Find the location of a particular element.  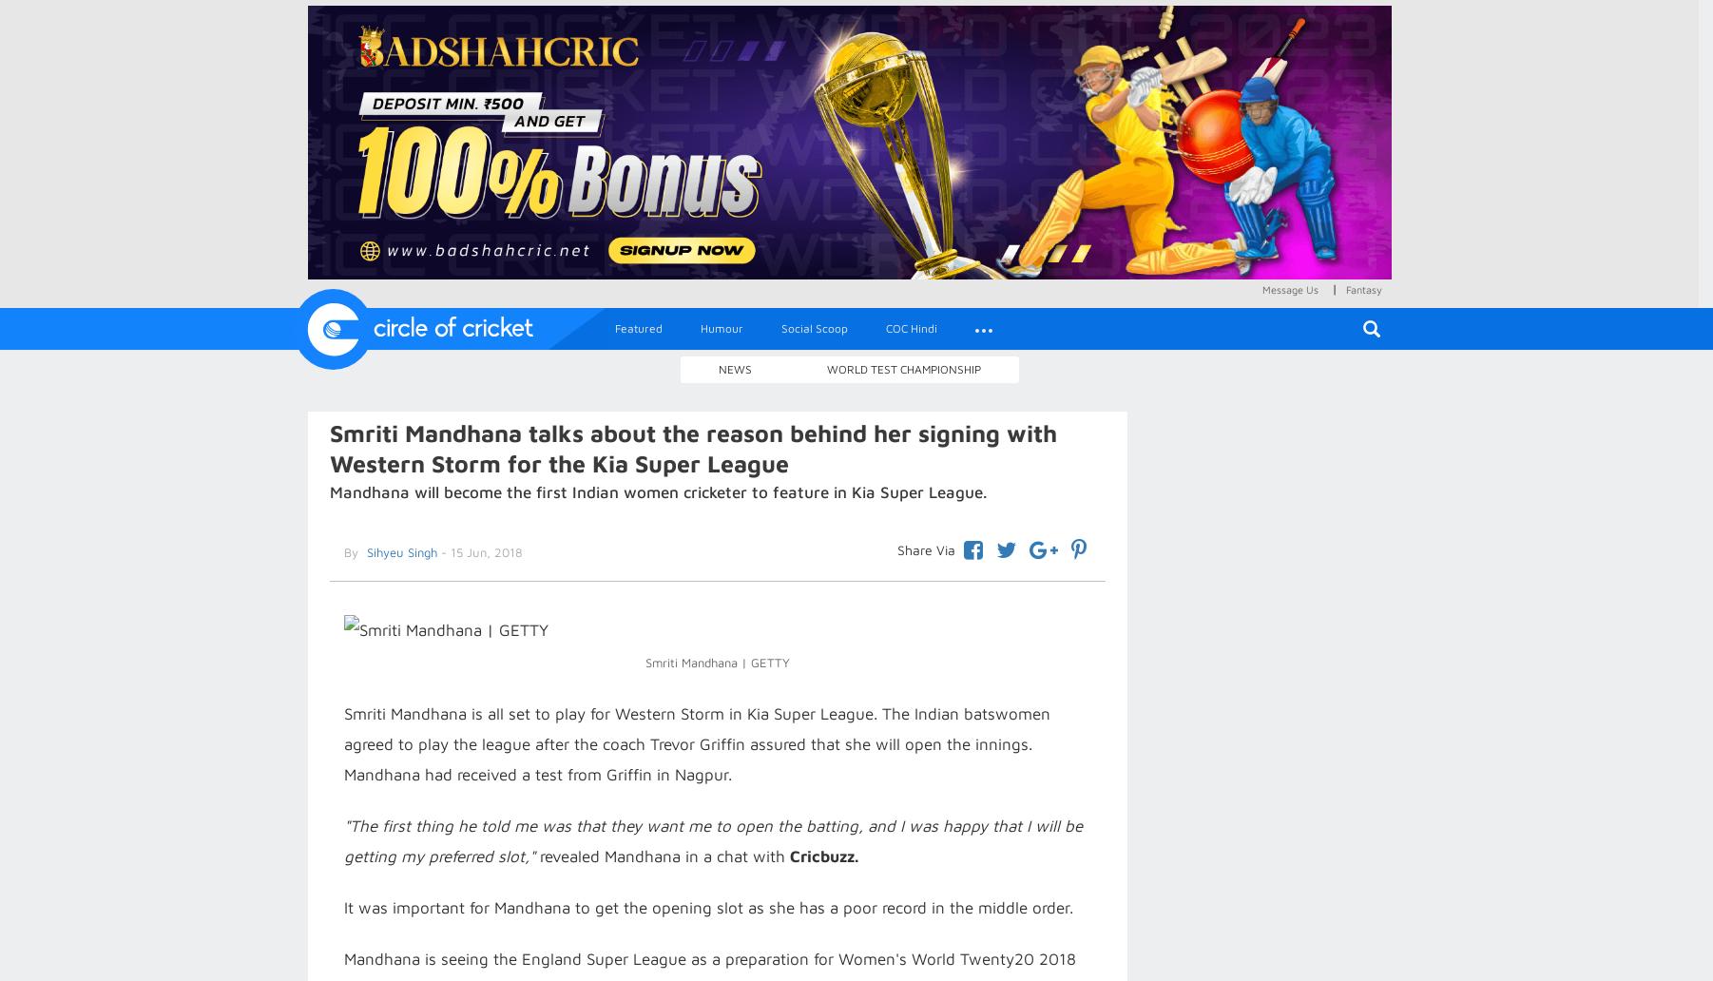

'It was important for Mandhana to get the opening slot as she has a poor record in the middle order.' is located at coordinates (706, 907).